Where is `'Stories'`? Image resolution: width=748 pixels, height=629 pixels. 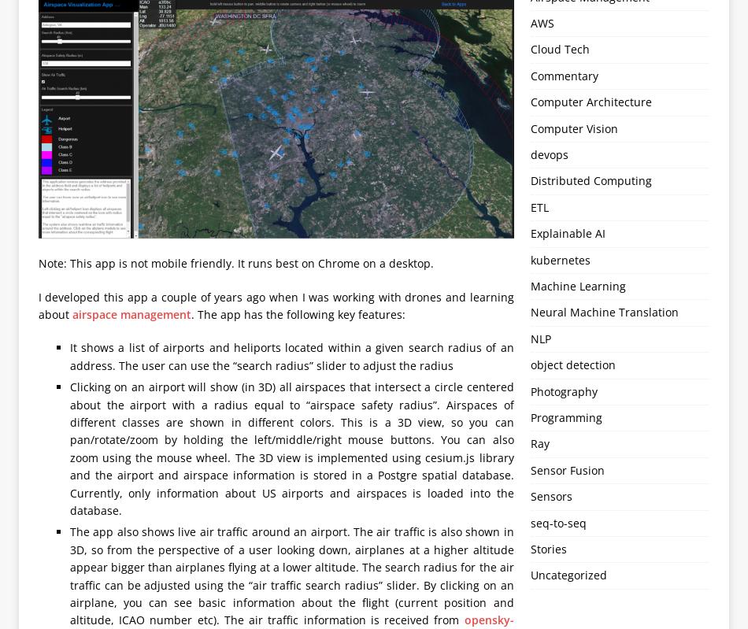 'Stories' is located at coordinates (529, 548).